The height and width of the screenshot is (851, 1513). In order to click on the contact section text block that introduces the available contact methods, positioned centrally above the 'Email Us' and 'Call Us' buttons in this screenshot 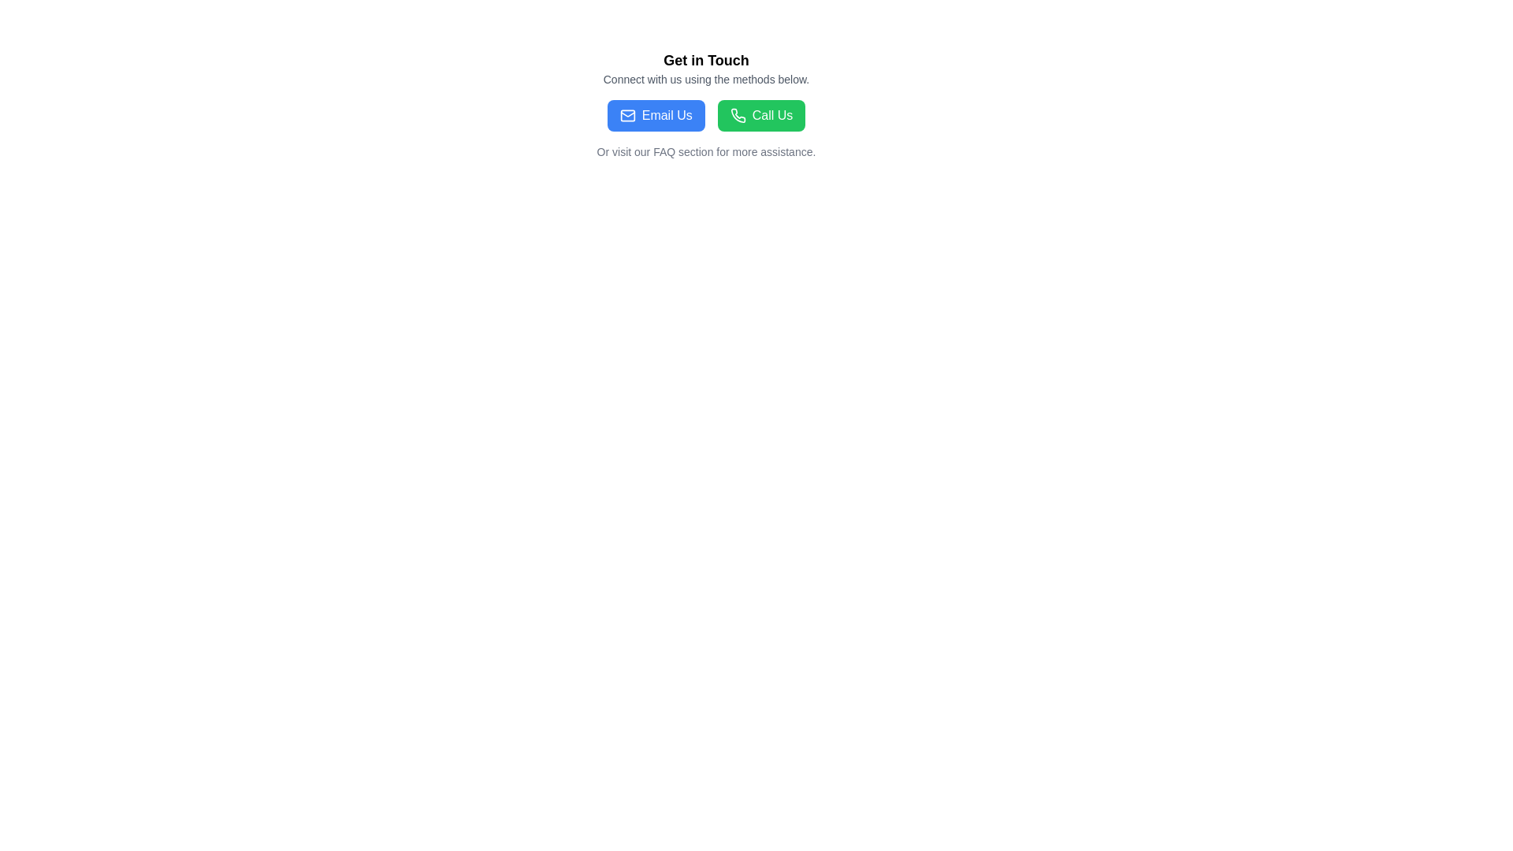, I will do `click(705, 68)`.